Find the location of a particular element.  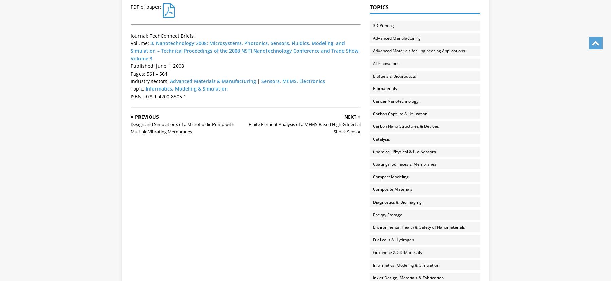

'Industry sectors:' is located at coordinates (150, 81).